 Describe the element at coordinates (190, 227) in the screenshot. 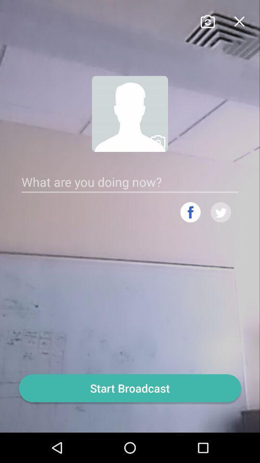

I see `the facebook icon` at that location.